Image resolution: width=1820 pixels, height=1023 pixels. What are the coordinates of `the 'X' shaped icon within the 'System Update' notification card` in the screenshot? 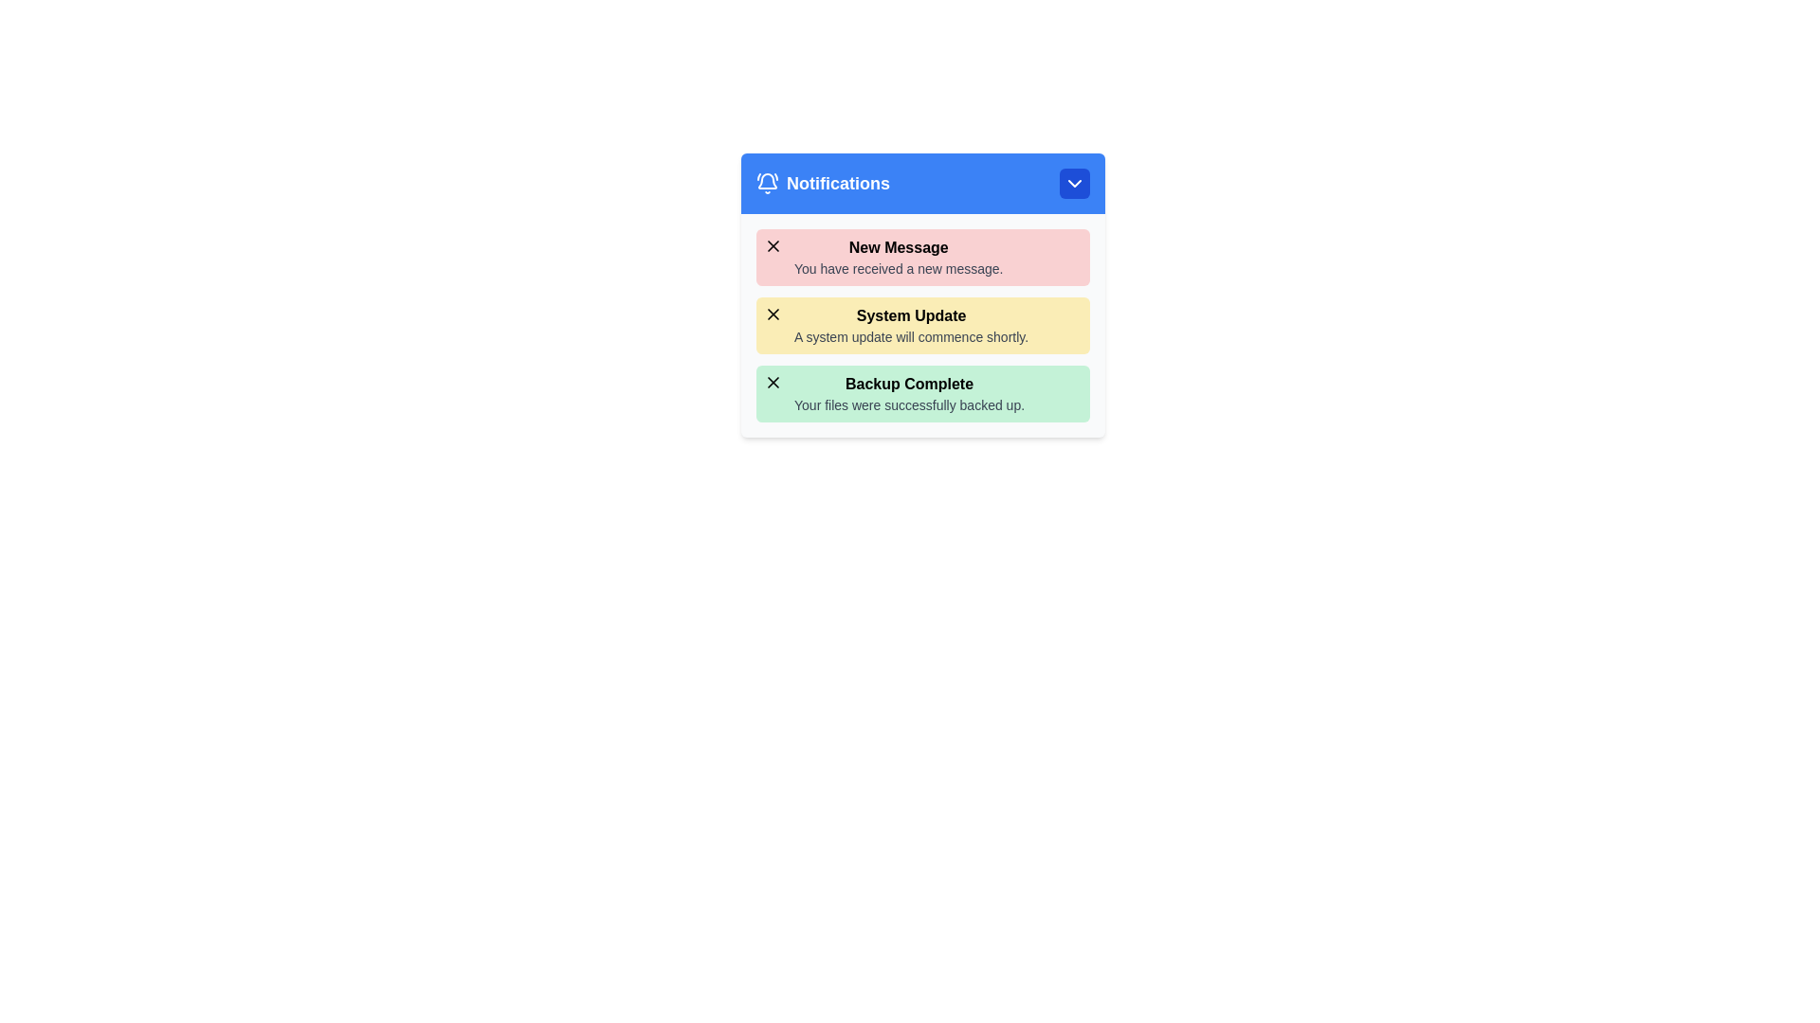 It's located at (773, 313).